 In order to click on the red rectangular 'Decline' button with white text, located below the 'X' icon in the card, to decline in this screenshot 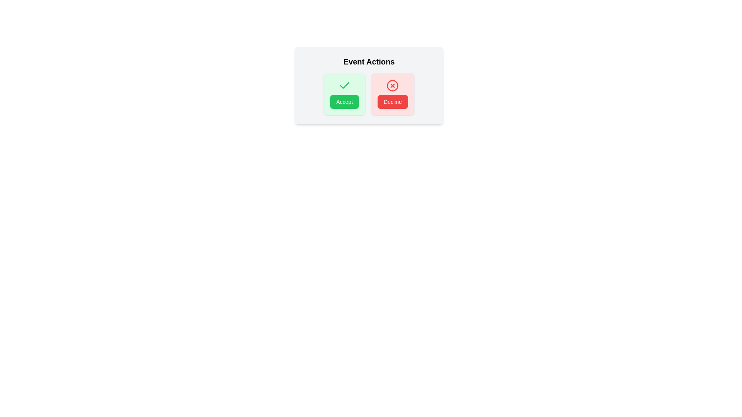, I will do `click(393, 101)`.